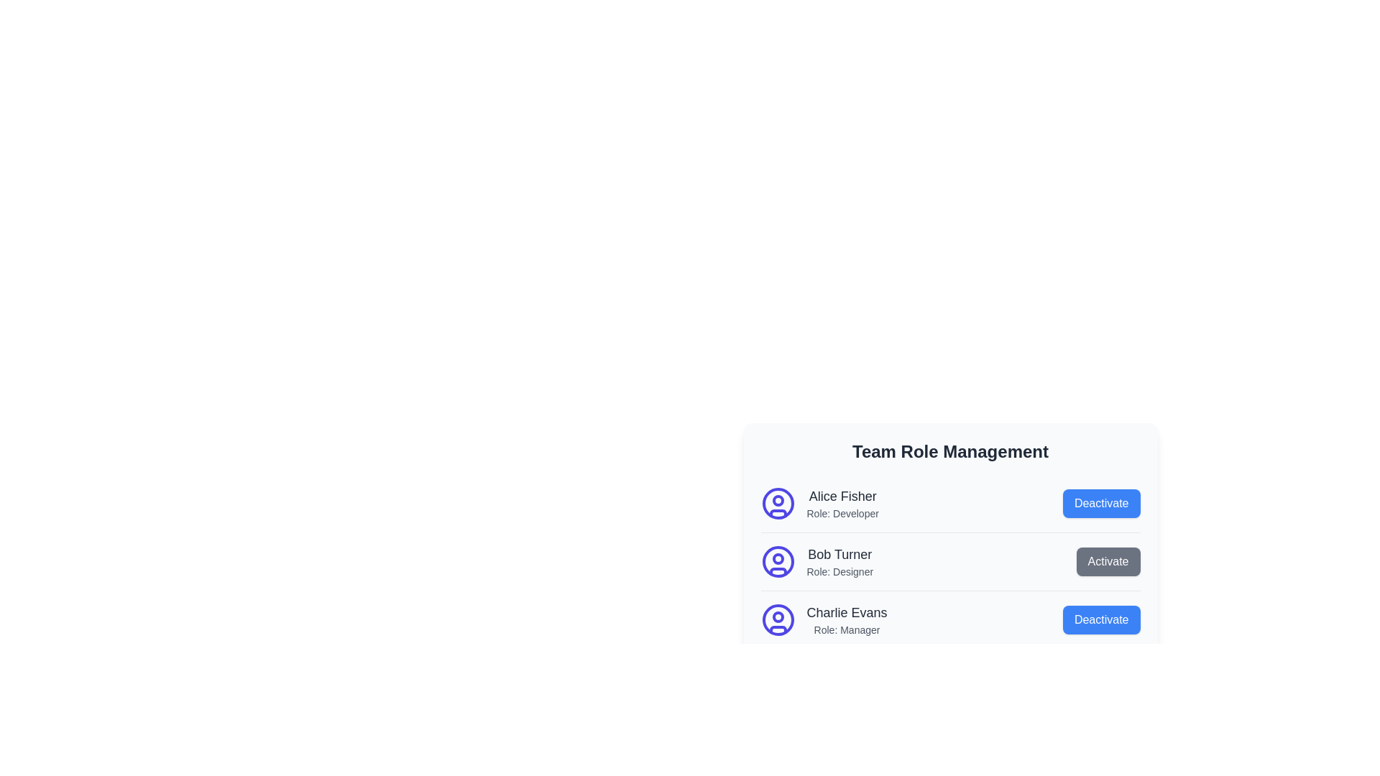  I want to click on the SVG Circle representing the user 'Bob Turner' in the team role management interface, which is positioned to the left of the text 'Bob Turner' and 'Role: Designer', so click(777, 561).